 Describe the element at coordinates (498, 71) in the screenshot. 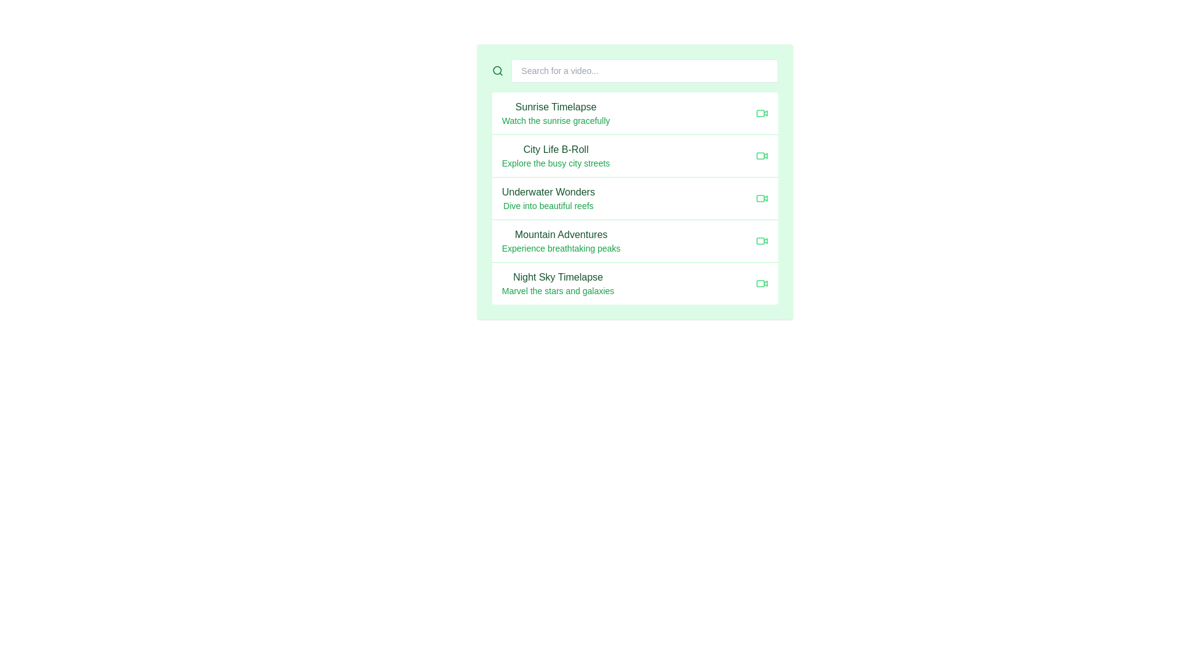

I see `the search icon located to the far left of the search input field, which visually indicates the purpose of the search functionality` at that location.